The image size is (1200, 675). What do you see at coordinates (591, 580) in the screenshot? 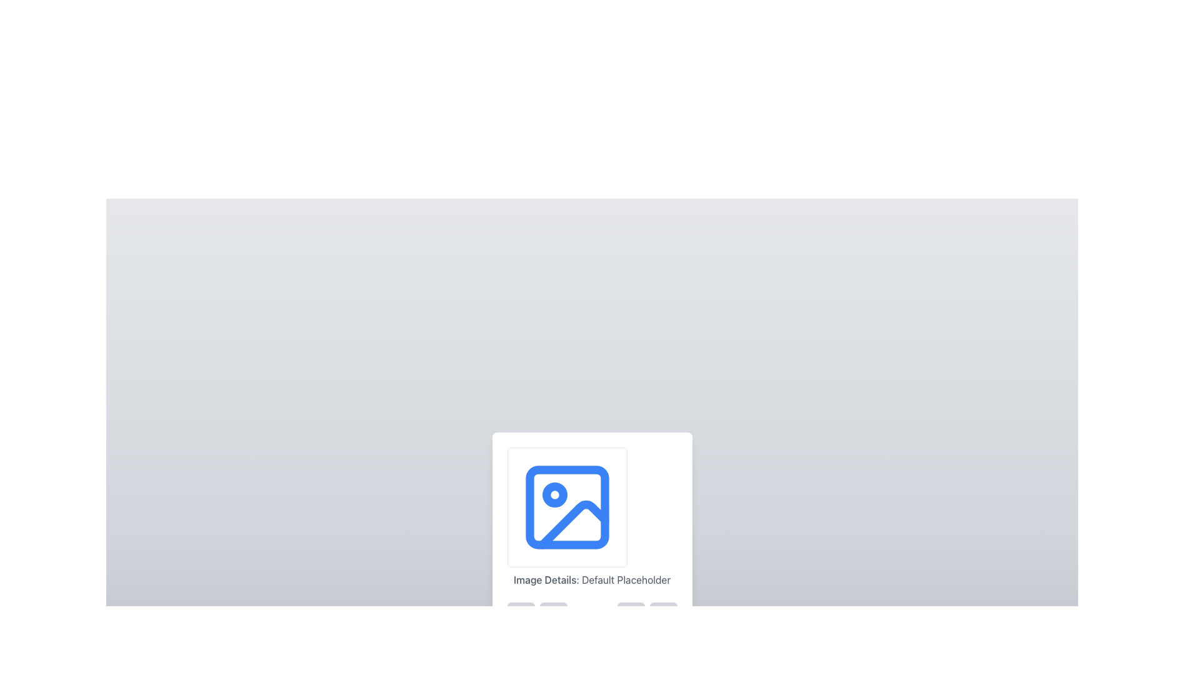
I see `the text element displaying 'Image Details: Default Placeholder', which is center-aligned and located below the square image placeholder` at bounding box center [591, 580].